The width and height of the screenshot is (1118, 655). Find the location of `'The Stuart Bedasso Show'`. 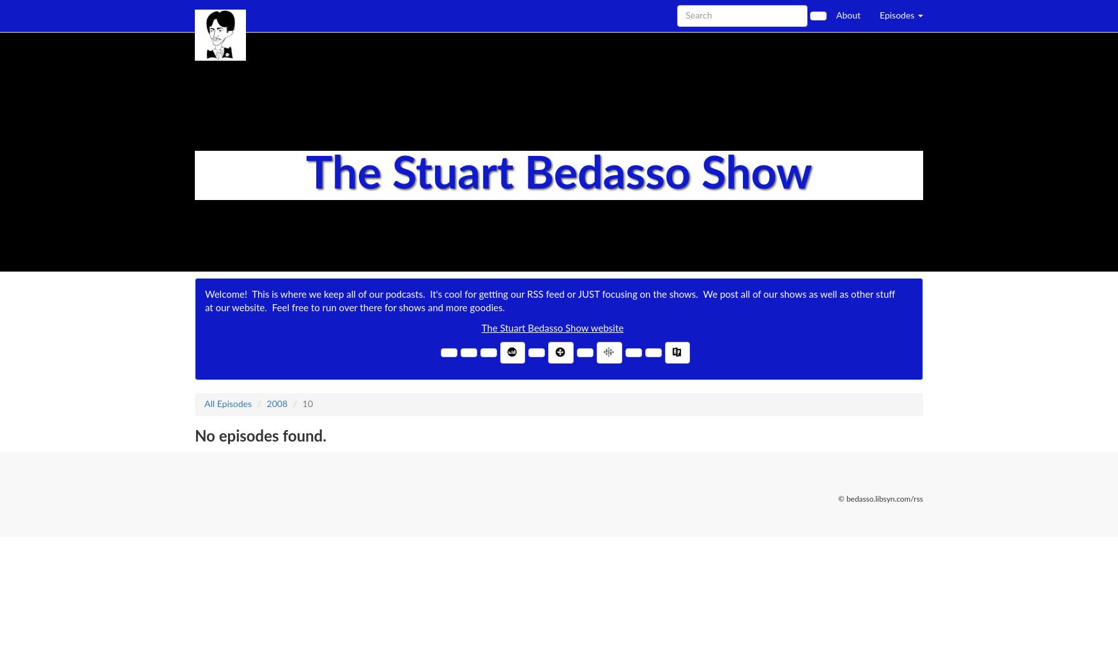

'The Stuart Bedasso Show' is located at coordinates (305, 174).